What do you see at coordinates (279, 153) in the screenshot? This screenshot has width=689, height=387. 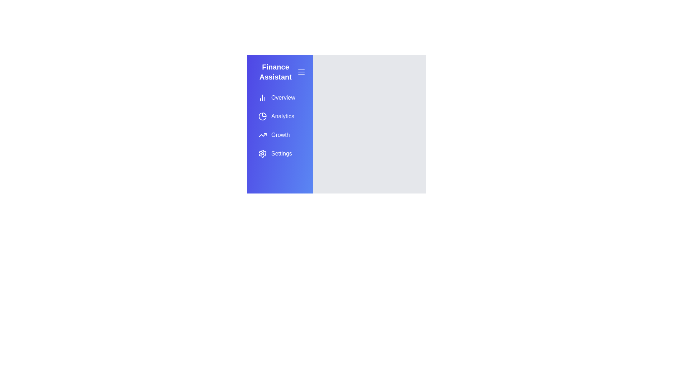 I see `the menu option Settings to navigate to the respective section` at bounding box center [279, 153].